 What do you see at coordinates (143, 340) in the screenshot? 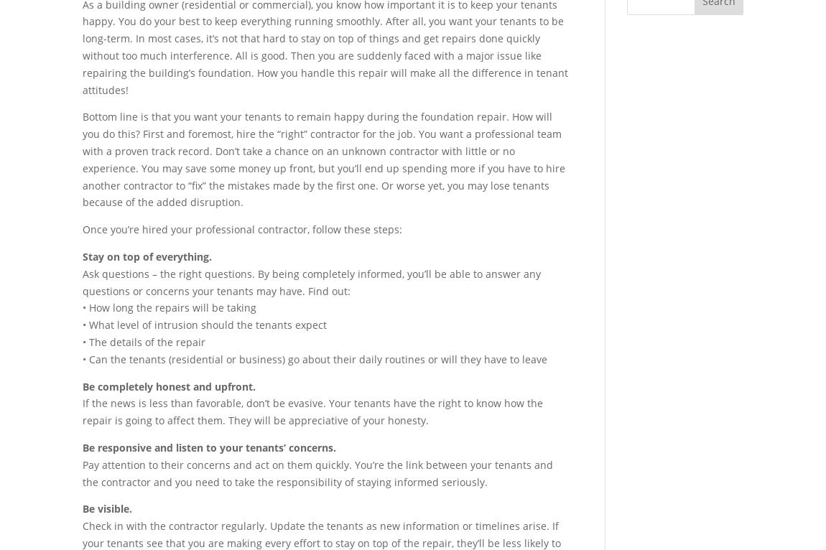
I see `'•	The details of the repair'` at bounding box center [143, 340].